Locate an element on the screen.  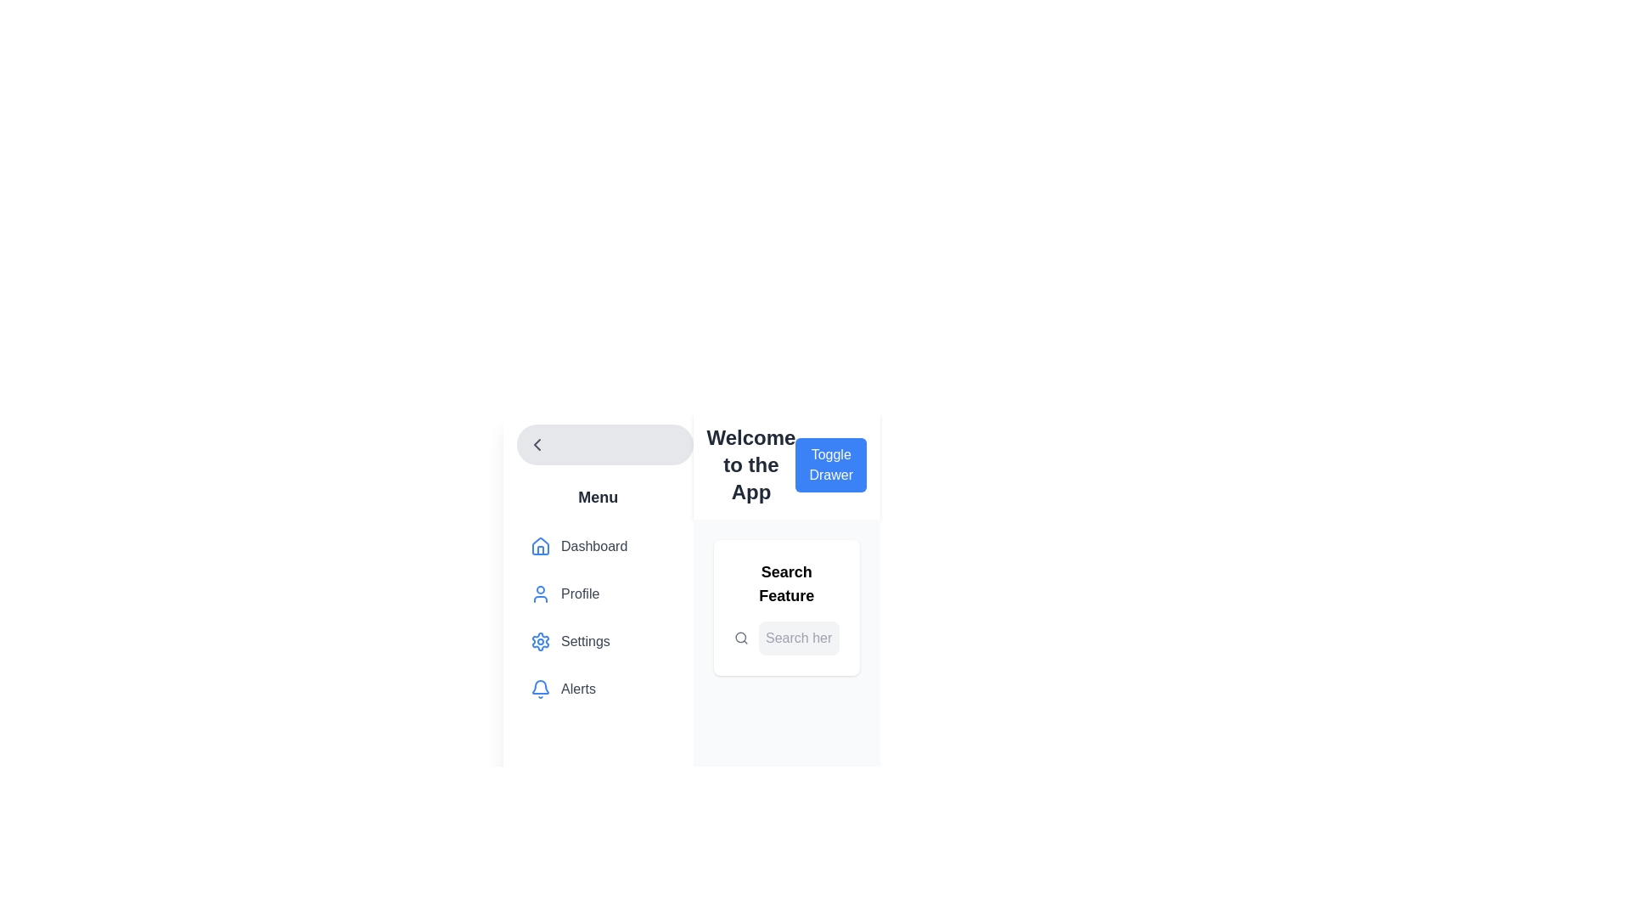
the chevron icon located in the sidebar at the top-left corner, just to the left of the 'Menu' section is located at coordinates (537, 444).